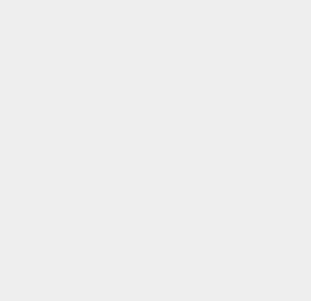 The height and width of the screenshot is (301, 311). I want to click on 'Windows Media Center', so click(220, 236).